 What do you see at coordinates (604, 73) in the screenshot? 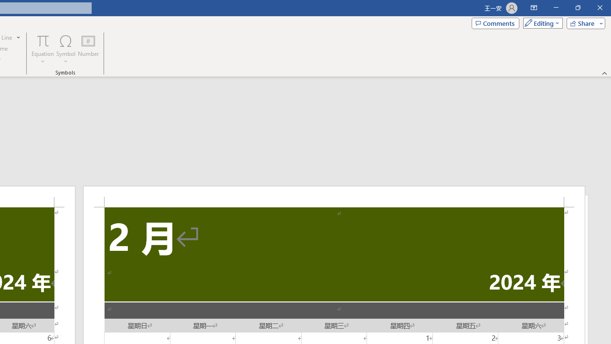
I see `'Collapse the Ribbon'` at bounding box center [604, 73].